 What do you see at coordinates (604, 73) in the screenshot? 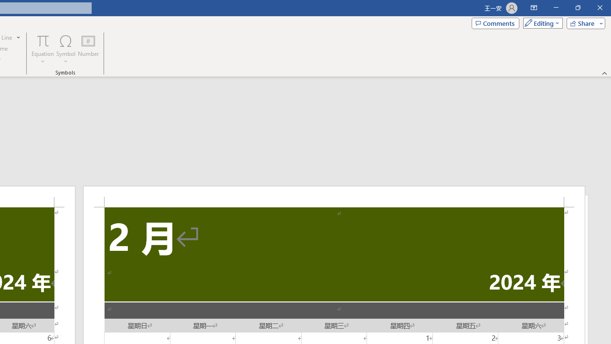
I see `'Collapse the Ribbon'` at bounding box center [604, 73].